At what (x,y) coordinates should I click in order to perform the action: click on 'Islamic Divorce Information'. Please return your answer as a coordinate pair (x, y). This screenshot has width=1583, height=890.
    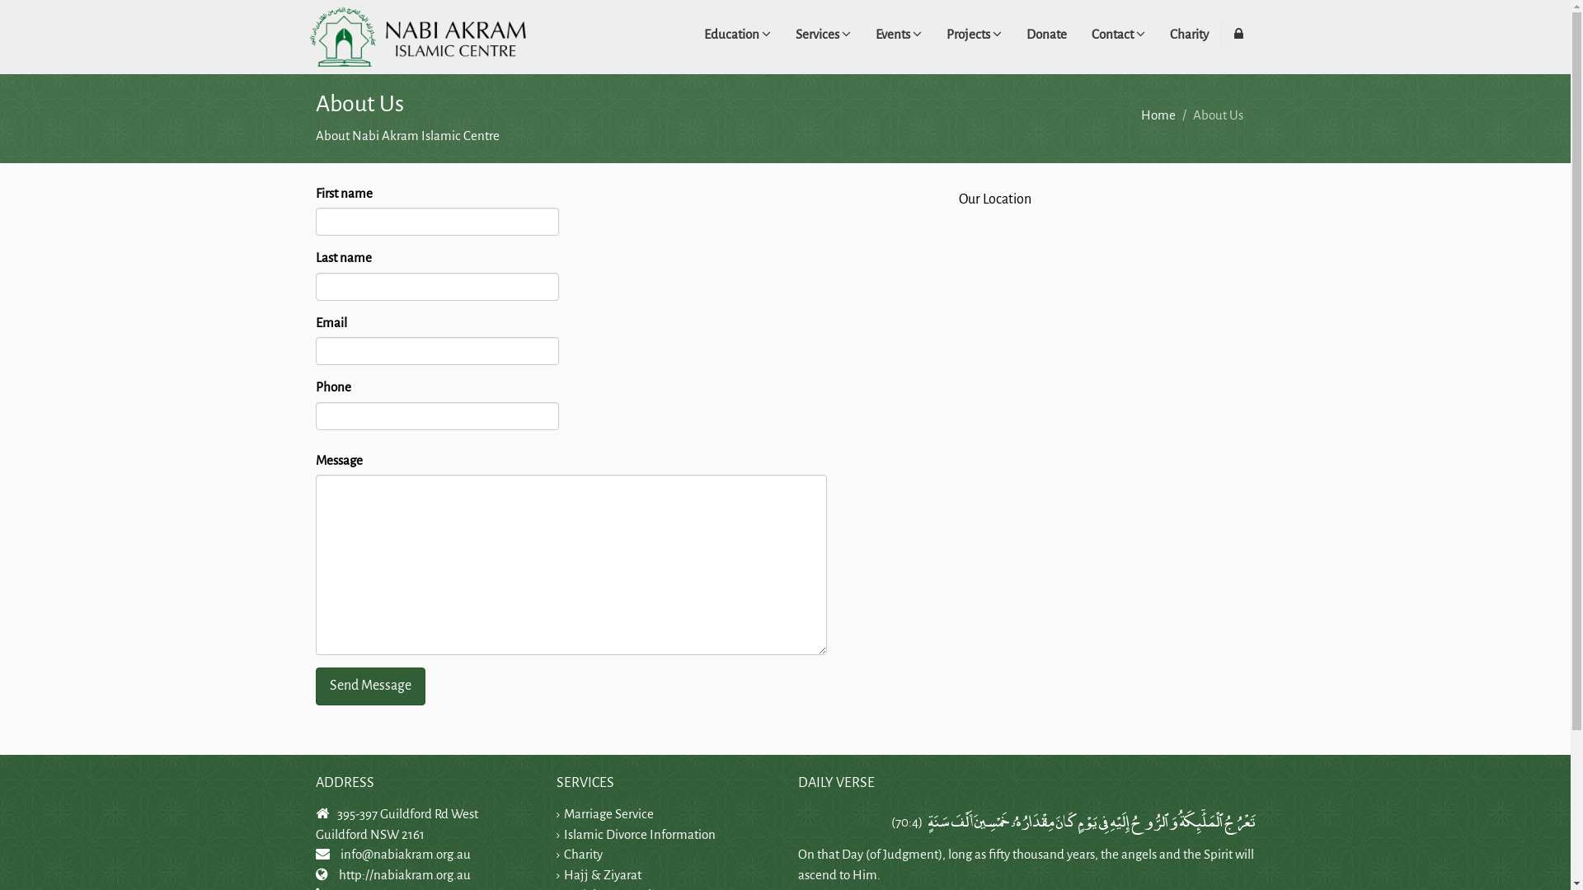
    Looking at the image, I should click on (639, 834).